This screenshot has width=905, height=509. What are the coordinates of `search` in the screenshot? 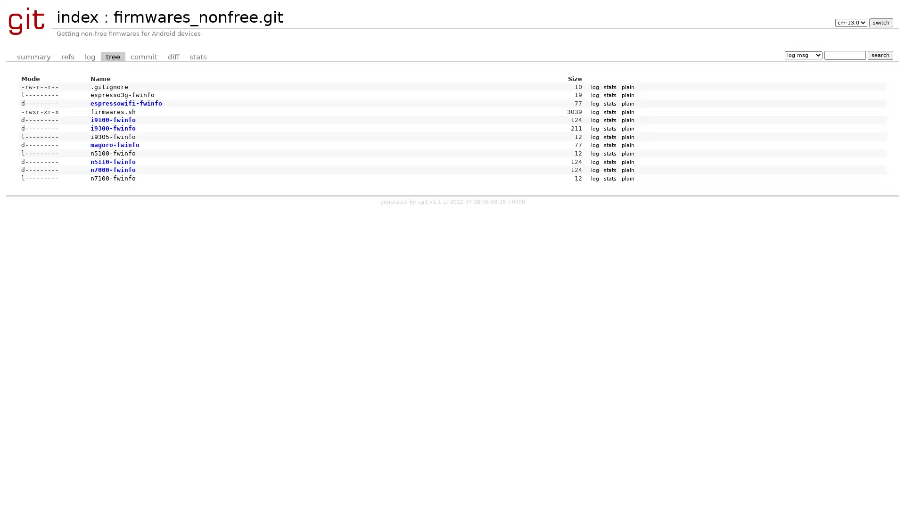 It's located at (880, 55).